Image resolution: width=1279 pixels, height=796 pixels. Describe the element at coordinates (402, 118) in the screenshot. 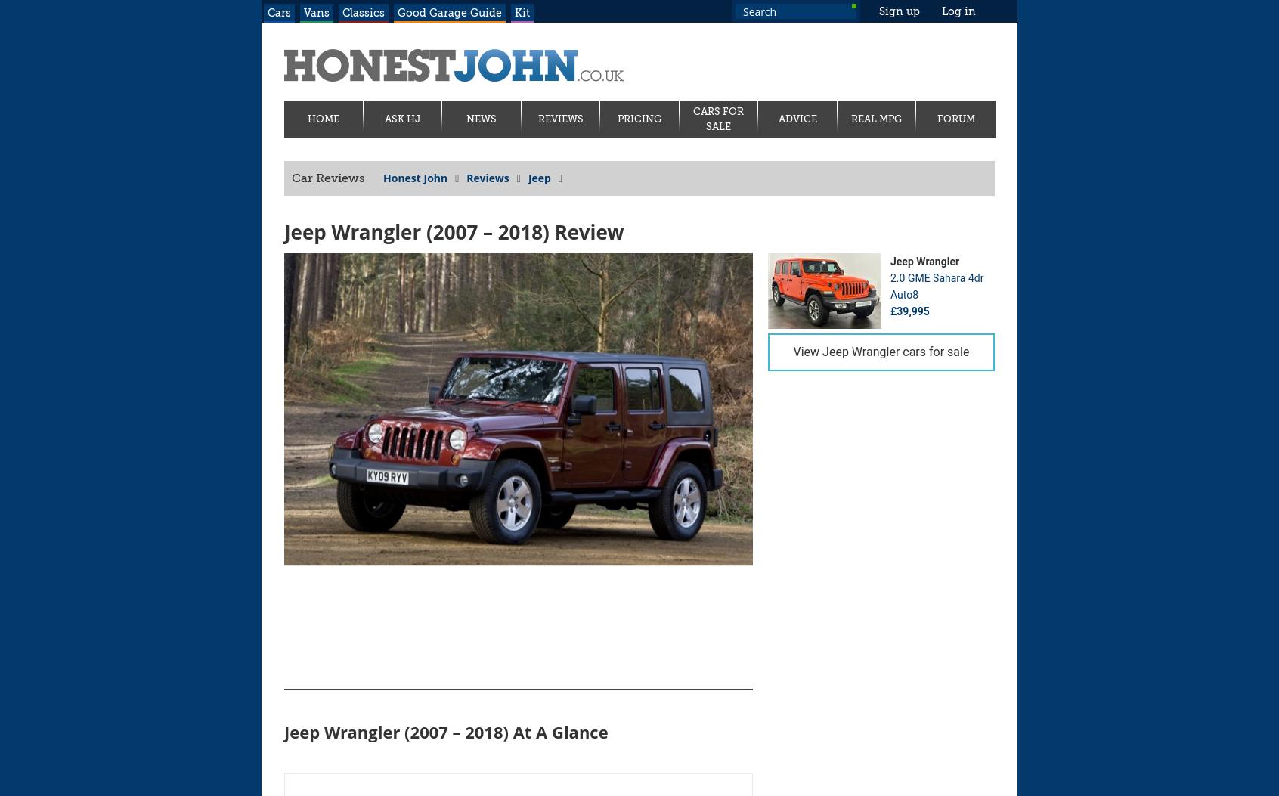

I see `'Ask HJ'` at that location.